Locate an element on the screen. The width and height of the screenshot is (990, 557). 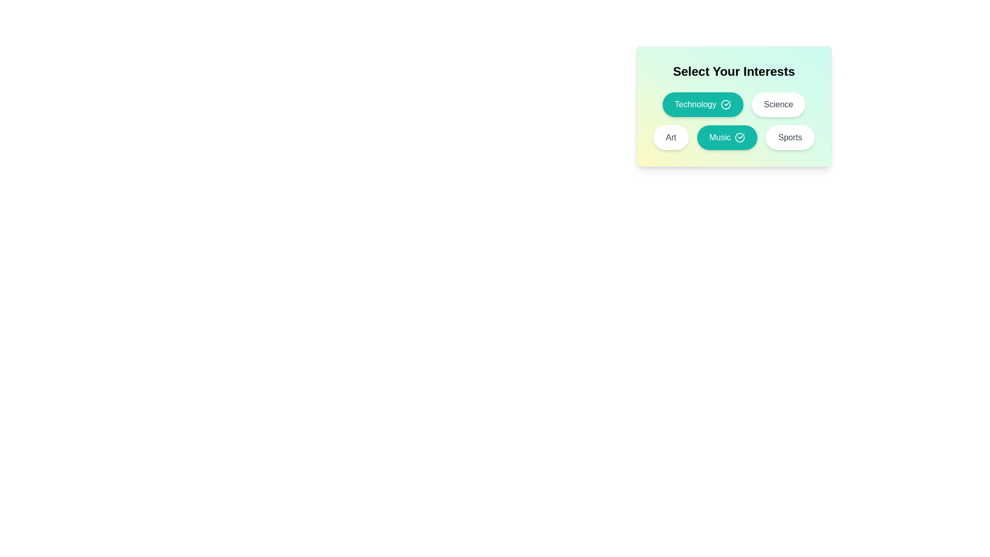
the interest tag labeled Art is located at coordinates (671, 137).